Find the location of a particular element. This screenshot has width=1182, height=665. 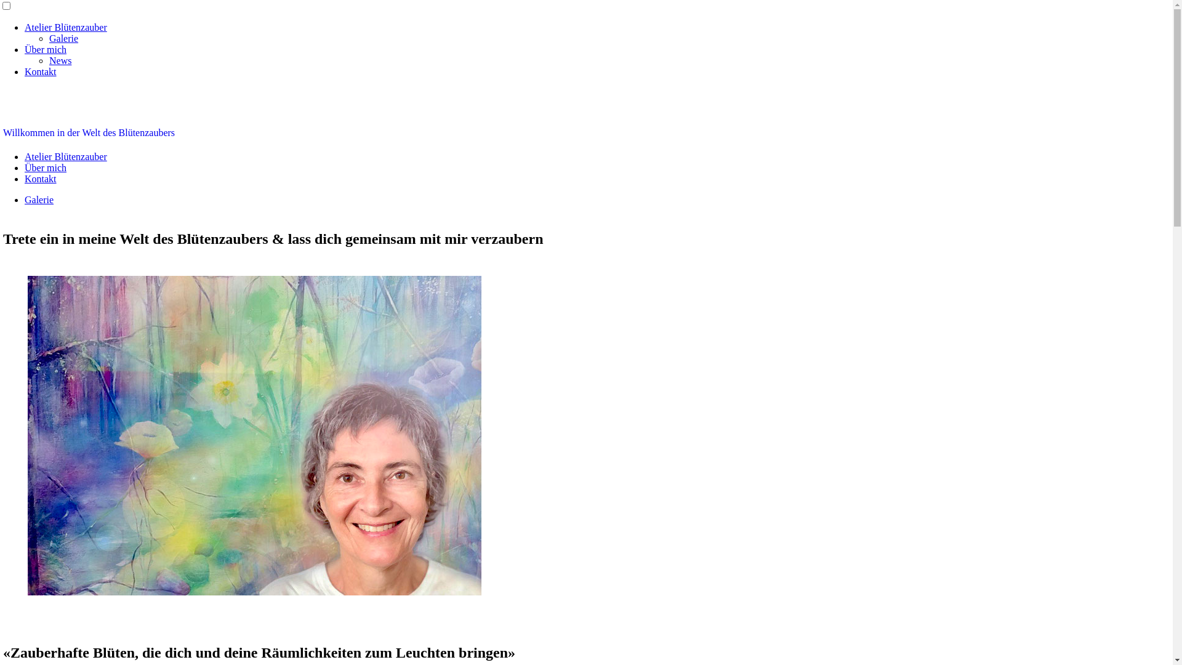

'Kontakt' is located at coordinates (41, 179).